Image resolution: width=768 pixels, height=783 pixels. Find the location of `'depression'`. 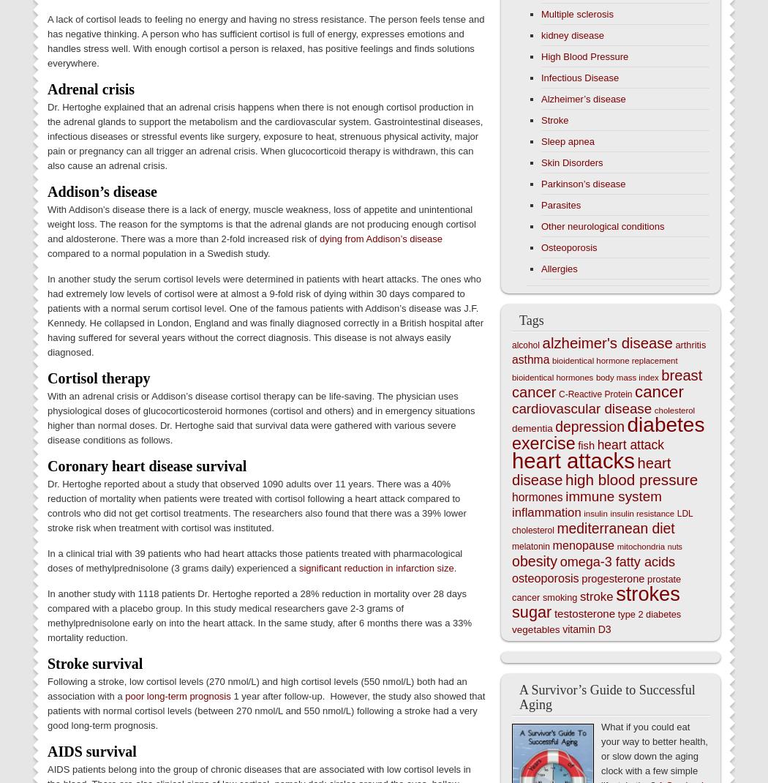

'depression' is located at coordinates (555, 426).